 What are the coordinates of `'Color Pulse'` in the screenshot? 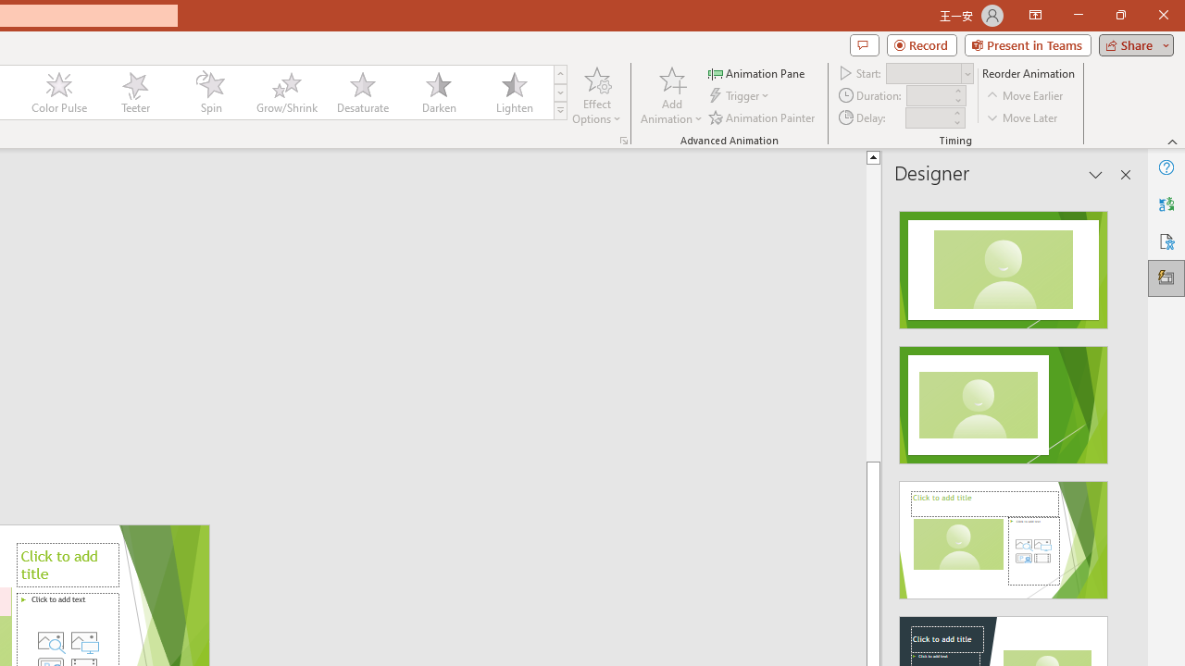 It's located at (59, 92).